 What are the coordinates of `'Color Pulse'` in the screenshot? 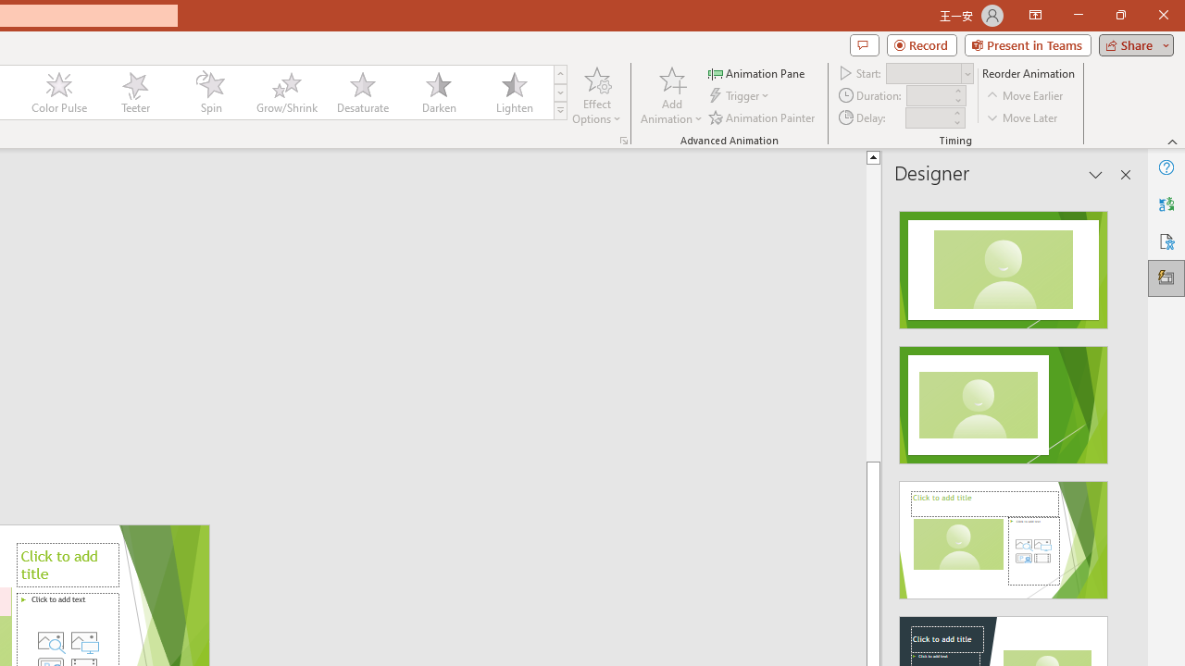 It's located at (59, 92).